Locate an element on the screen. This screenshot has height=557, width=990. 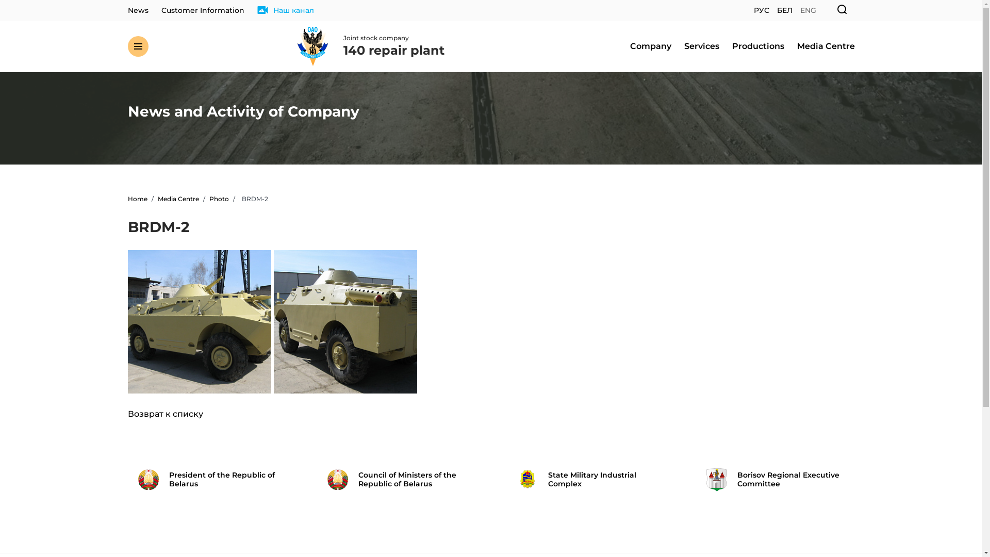
'News' is located at coordinates (127, 10).